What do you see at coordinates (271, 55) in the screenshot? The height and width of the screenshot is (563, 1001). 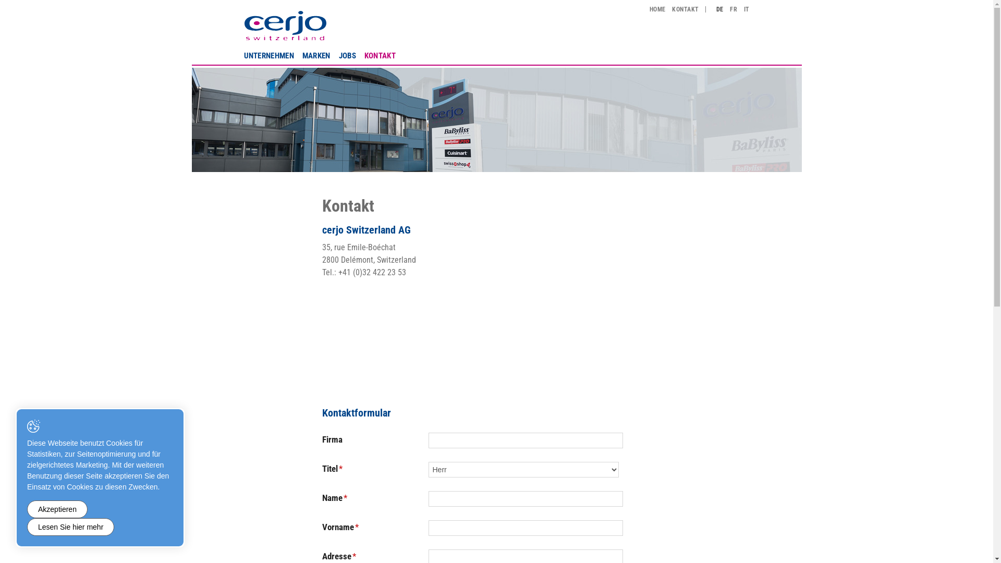 I see `'UNTERNEHMEN'` at bounding box center [271, 55].